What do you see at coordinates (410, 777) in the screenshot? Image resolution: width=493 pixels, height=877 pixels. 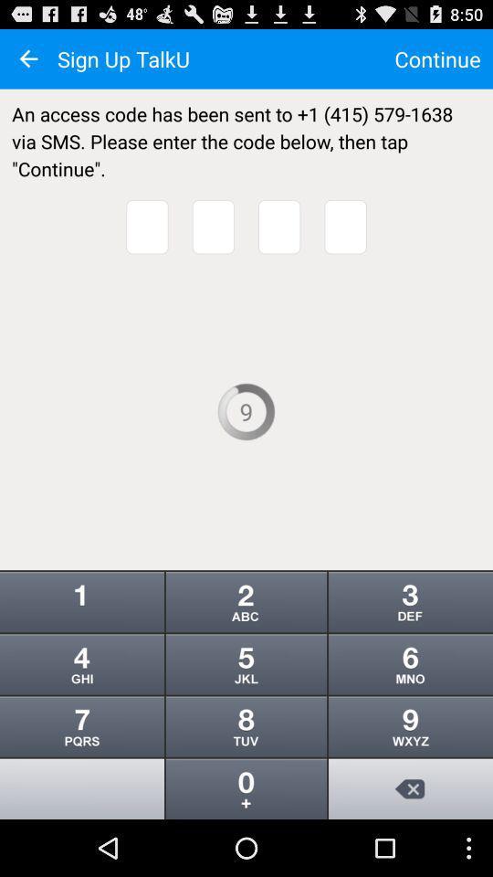 I see `the more icon` at bounding box center [410, 777].